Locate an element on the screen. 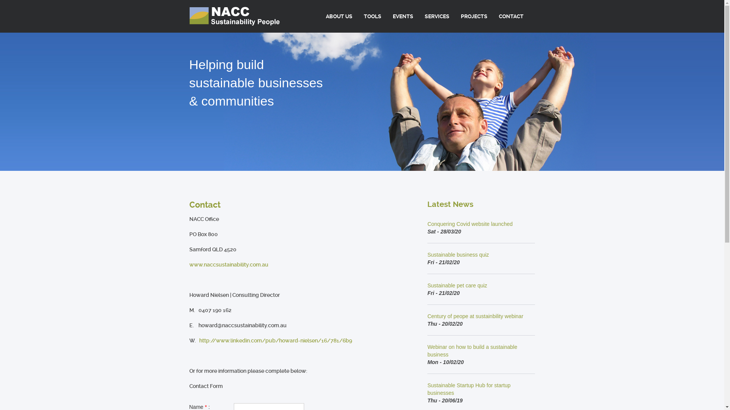  'EVENTS' is located at coordinates (387, 16).